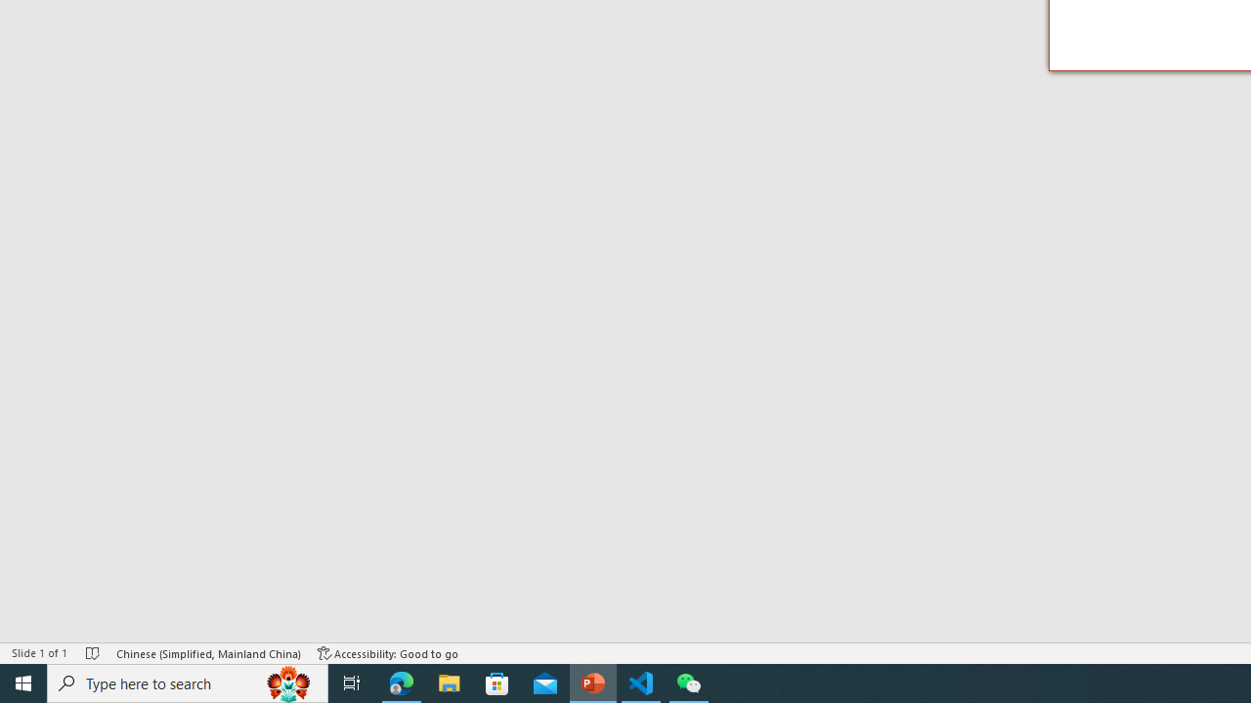 The width and height of the screenshot is (1251, 703). I want to click on 'Visual Studio Code - 1 running window', so click(641, 682).